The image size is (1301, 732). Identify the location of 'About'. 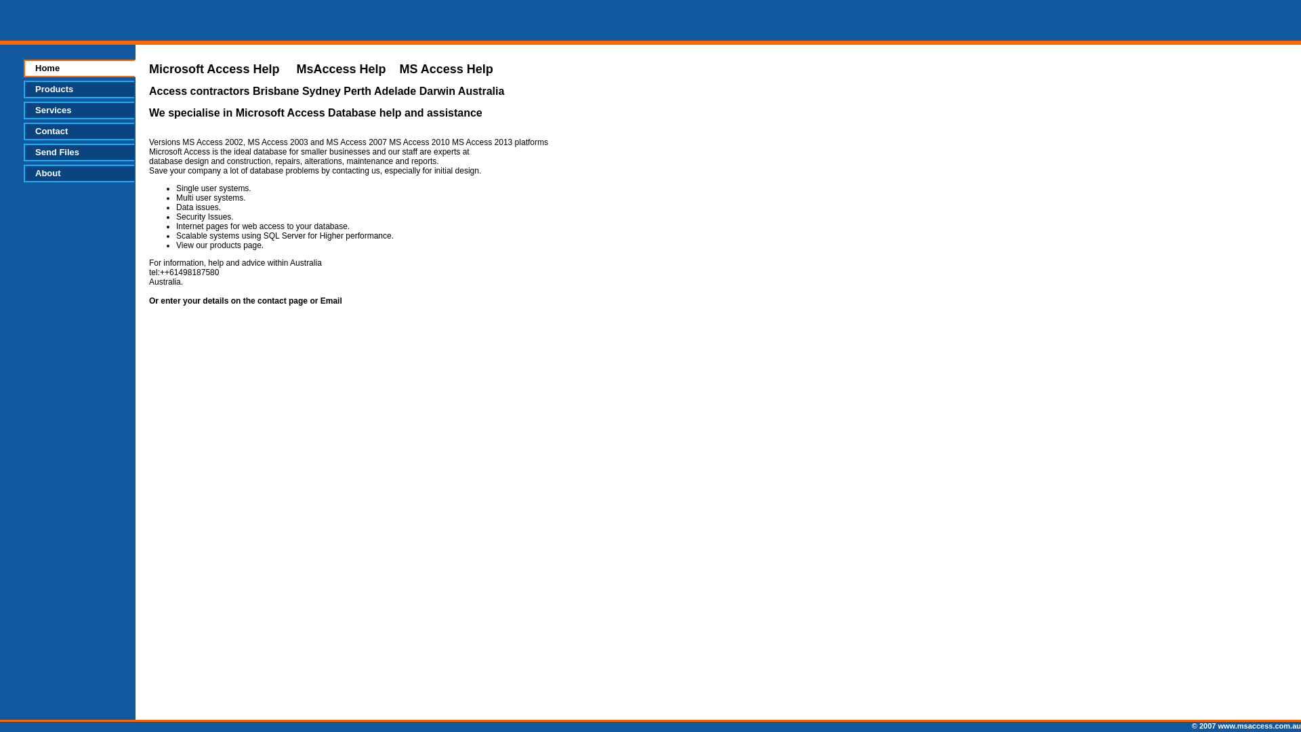
(78, 172).